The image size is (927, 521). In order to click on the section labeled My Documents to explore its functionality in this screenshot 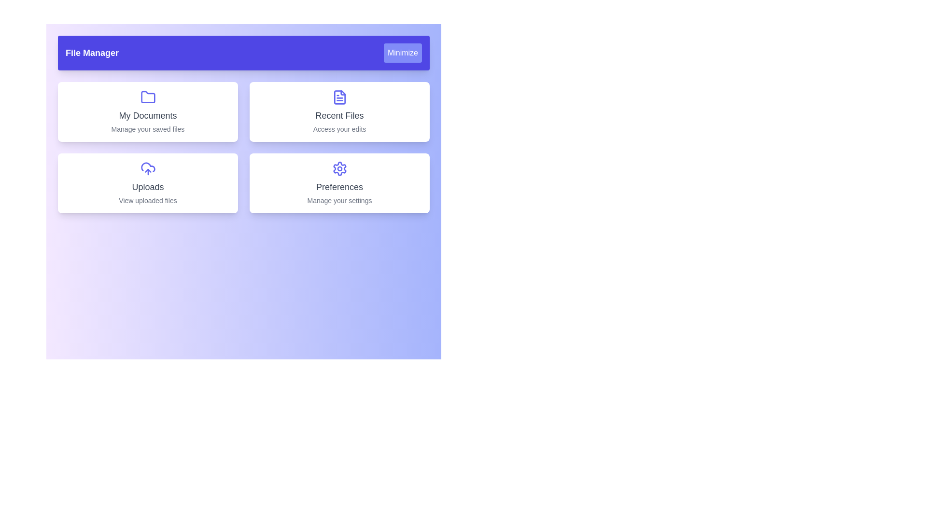, I will do `click(147, 111)`.